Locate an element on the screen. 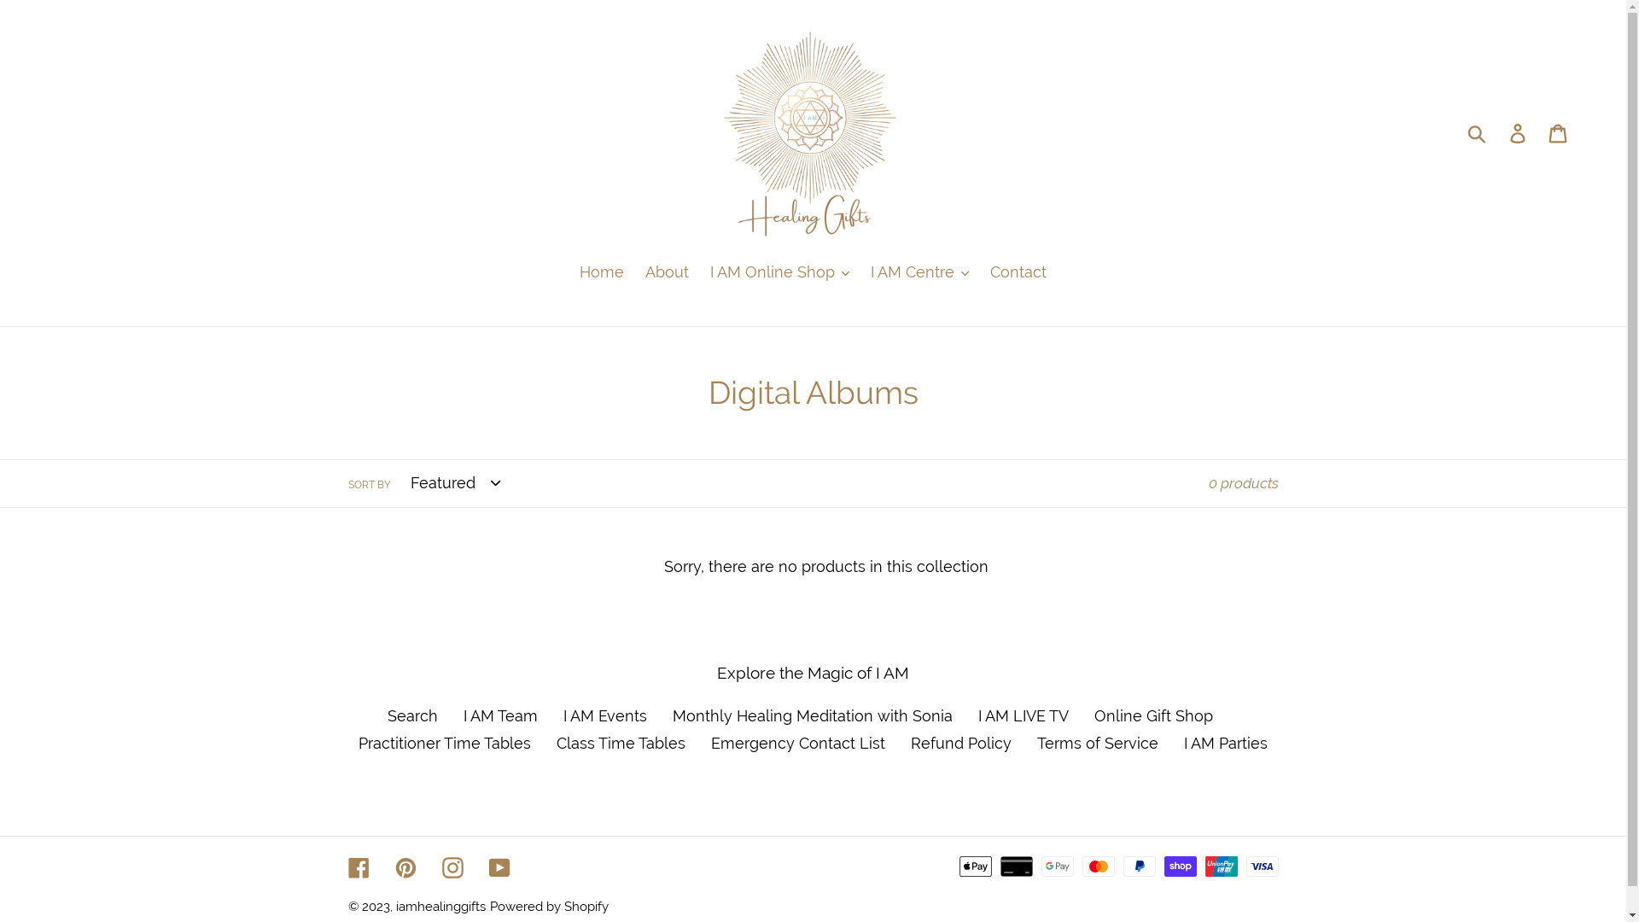 This screenshot has width=1639, height=922. 'Submit' is located at coordinates (1456, 131).